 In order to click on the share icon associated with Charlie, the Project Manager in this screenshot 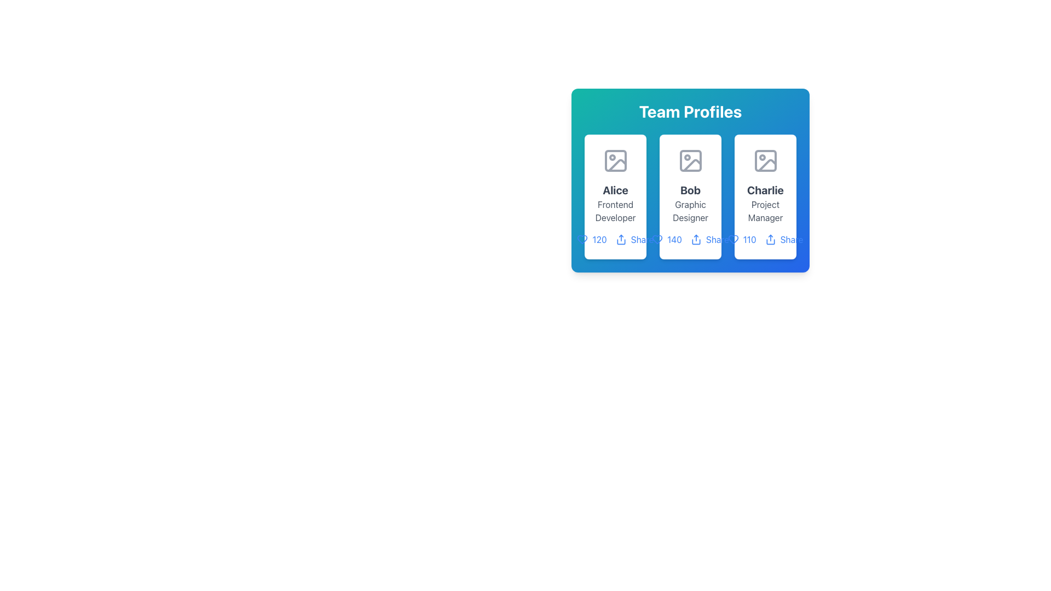, I will do `click(770, 239)`.